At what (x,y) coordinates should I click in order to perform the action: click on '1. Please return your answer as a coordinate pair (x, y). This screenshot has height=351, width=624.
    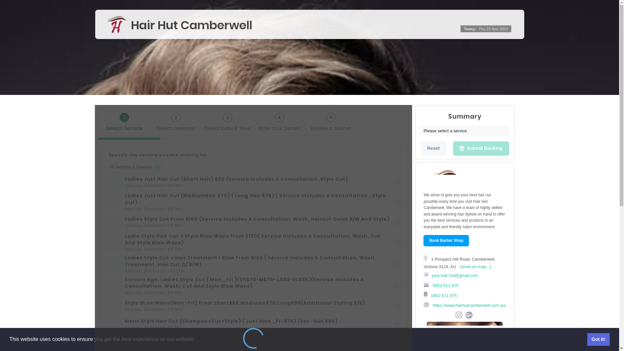
    Looking at the image, I should click on (124, 120).